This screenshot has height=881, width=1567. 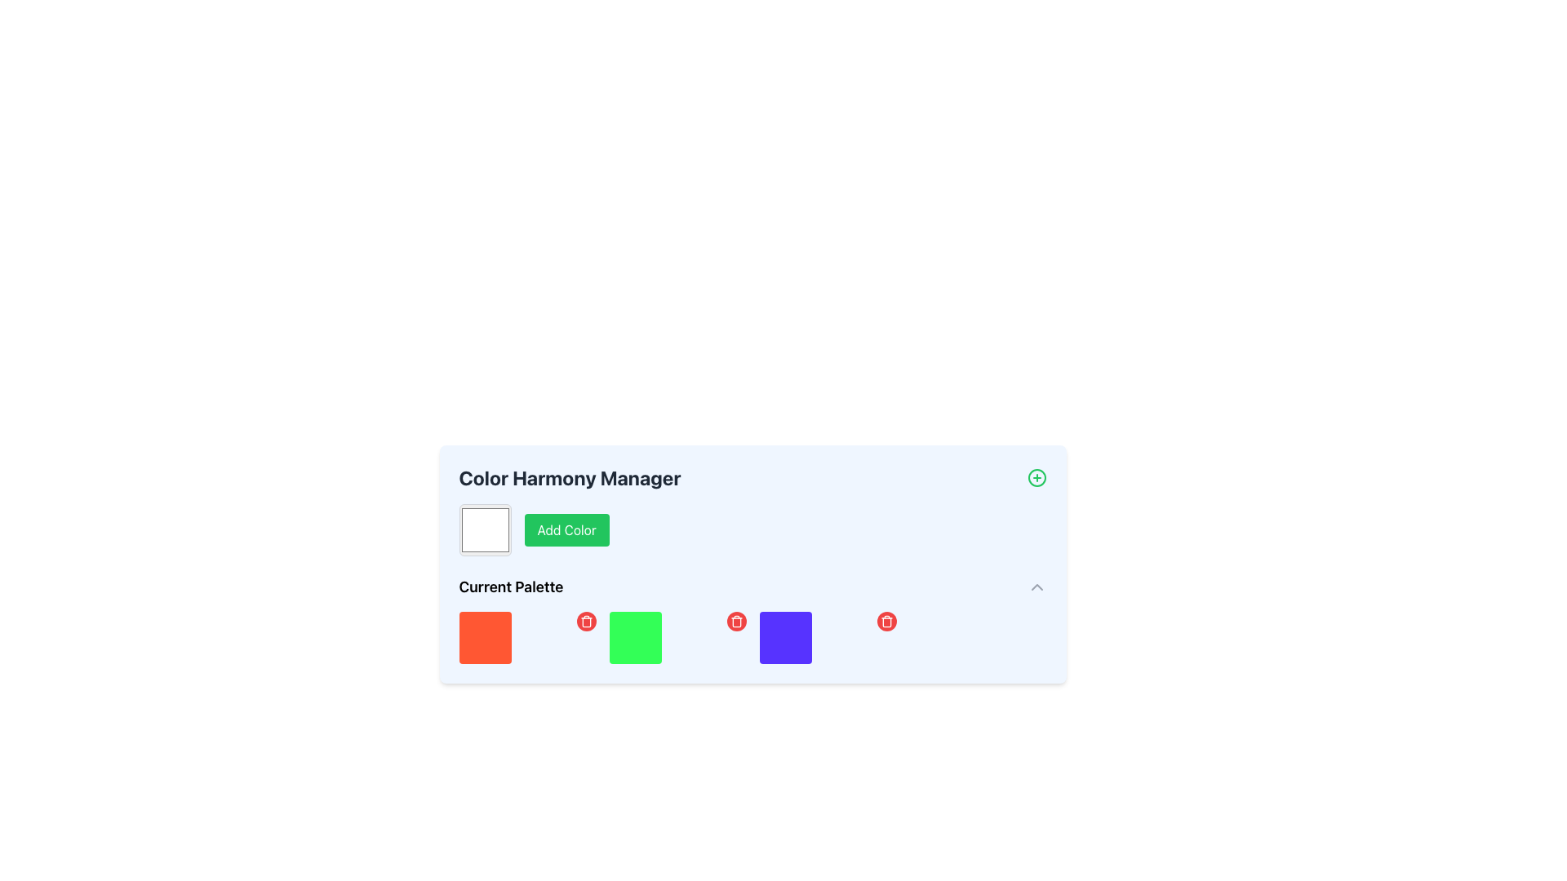 What do you see at coordinates (735, 622) in the screenshot?
I see `the red trash can icon button, which is the third delete icon from the left in the palette manager` at bounding box center [735, 622].